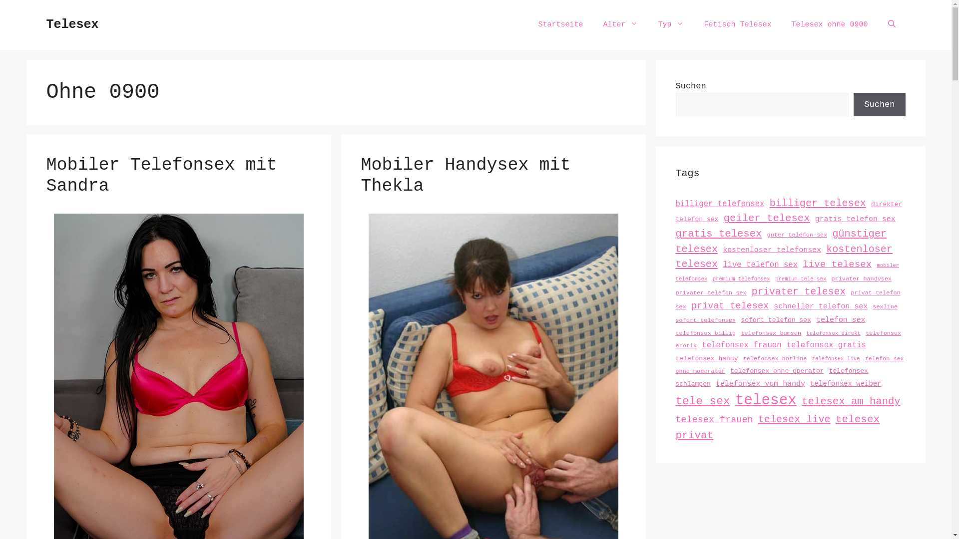 The width and height of the screenshot is (959, 539). Describe the element at coordinates (789, 365) in the screenshot. I see `'telefon sex ohne moderator'` at that location.